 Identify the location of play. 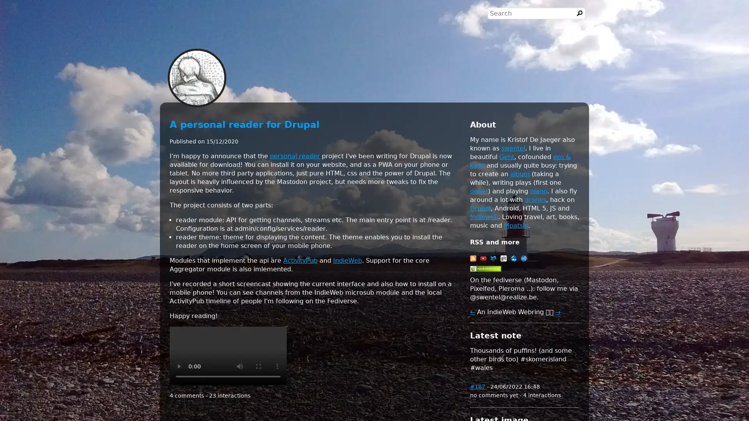
(179, 366).